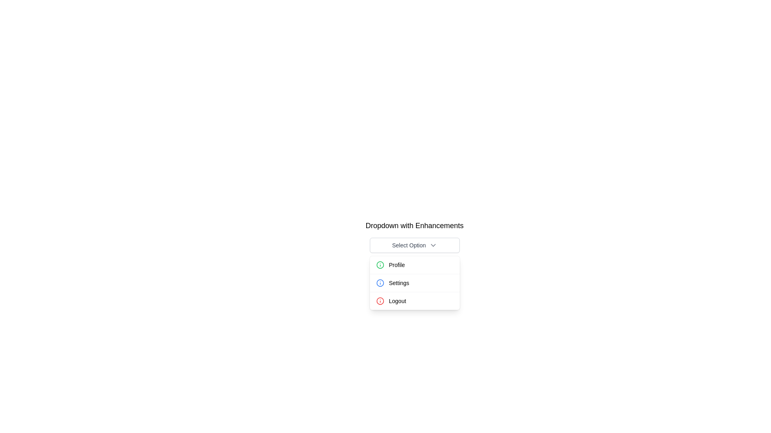 The image size is (771, 433). Describe the element at coordinates (379, 301) in the screenshot. I see `the red-themed logout icon positioned at the bottom of the dropdown menu beneath 'Settings' to understand its visual meaning` at that location.